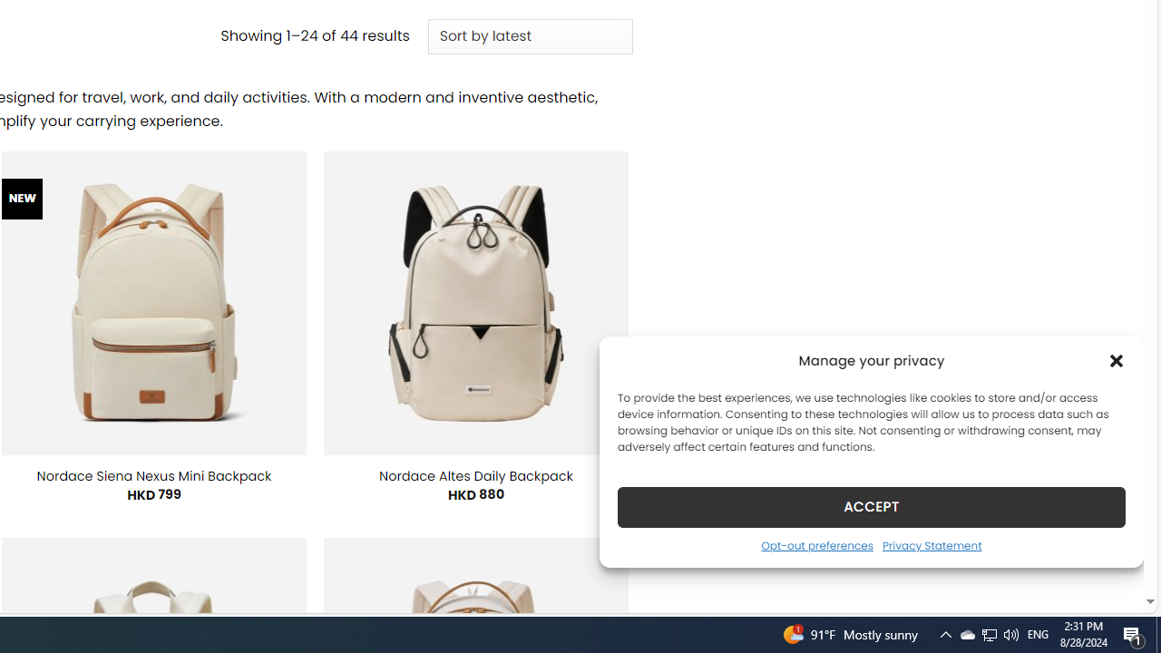 Image resolution: width=1161 pixels, height=653 pixels. Describe the element at coordinates (1116, 360) in the screenshot. I see `'Class: cmplz-close'` at that location.